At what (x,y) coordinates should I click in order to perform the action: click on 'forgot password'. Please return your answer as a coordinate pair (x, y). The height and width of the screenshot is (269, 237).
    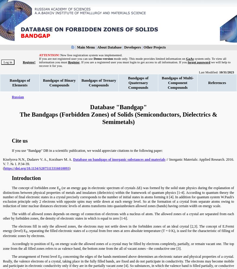
    Looking at the image, I should click on (198, 62).